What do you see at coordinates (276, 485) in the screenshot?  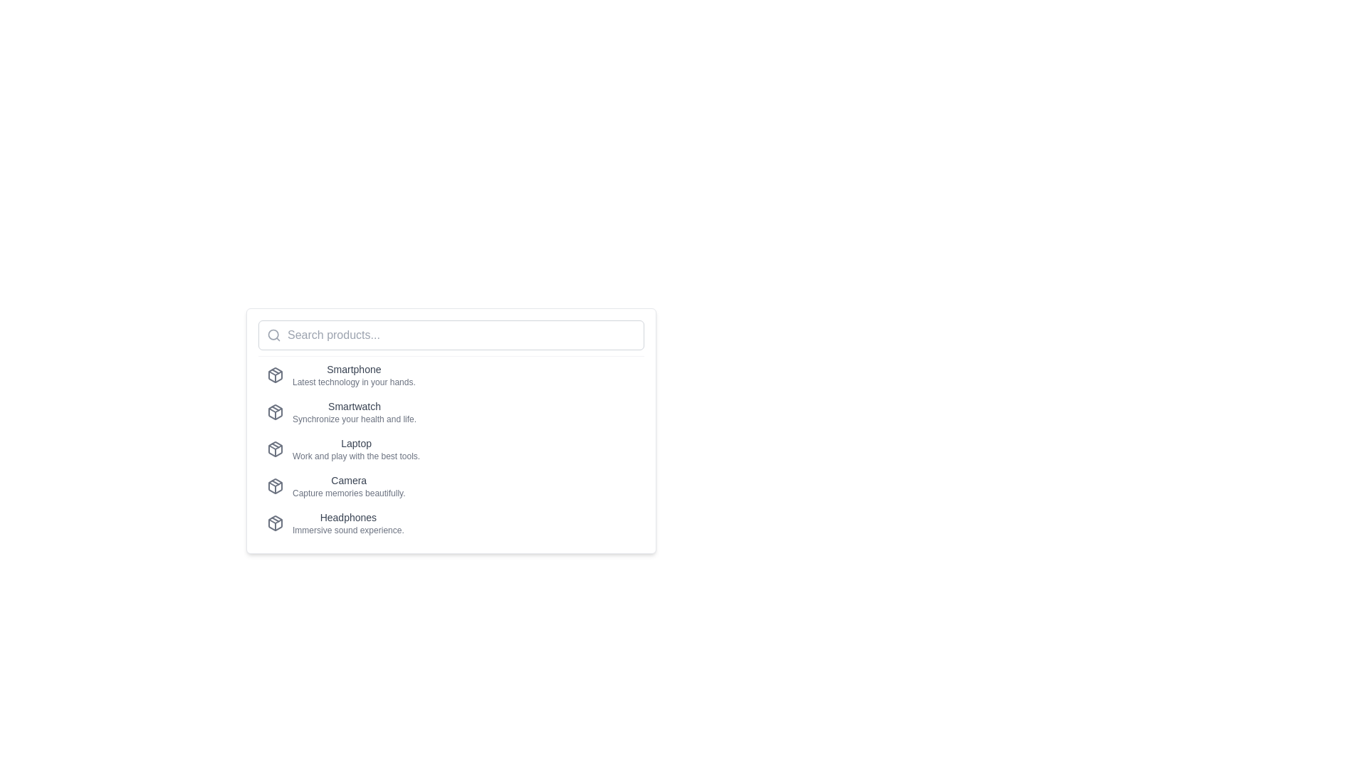 I see `the SVG icon representing the 'Camera' entry within the selection menu, which is located to the left of the text 'Camera' and 'Capture memories beautifully.'` at bounding box center [276, 485].